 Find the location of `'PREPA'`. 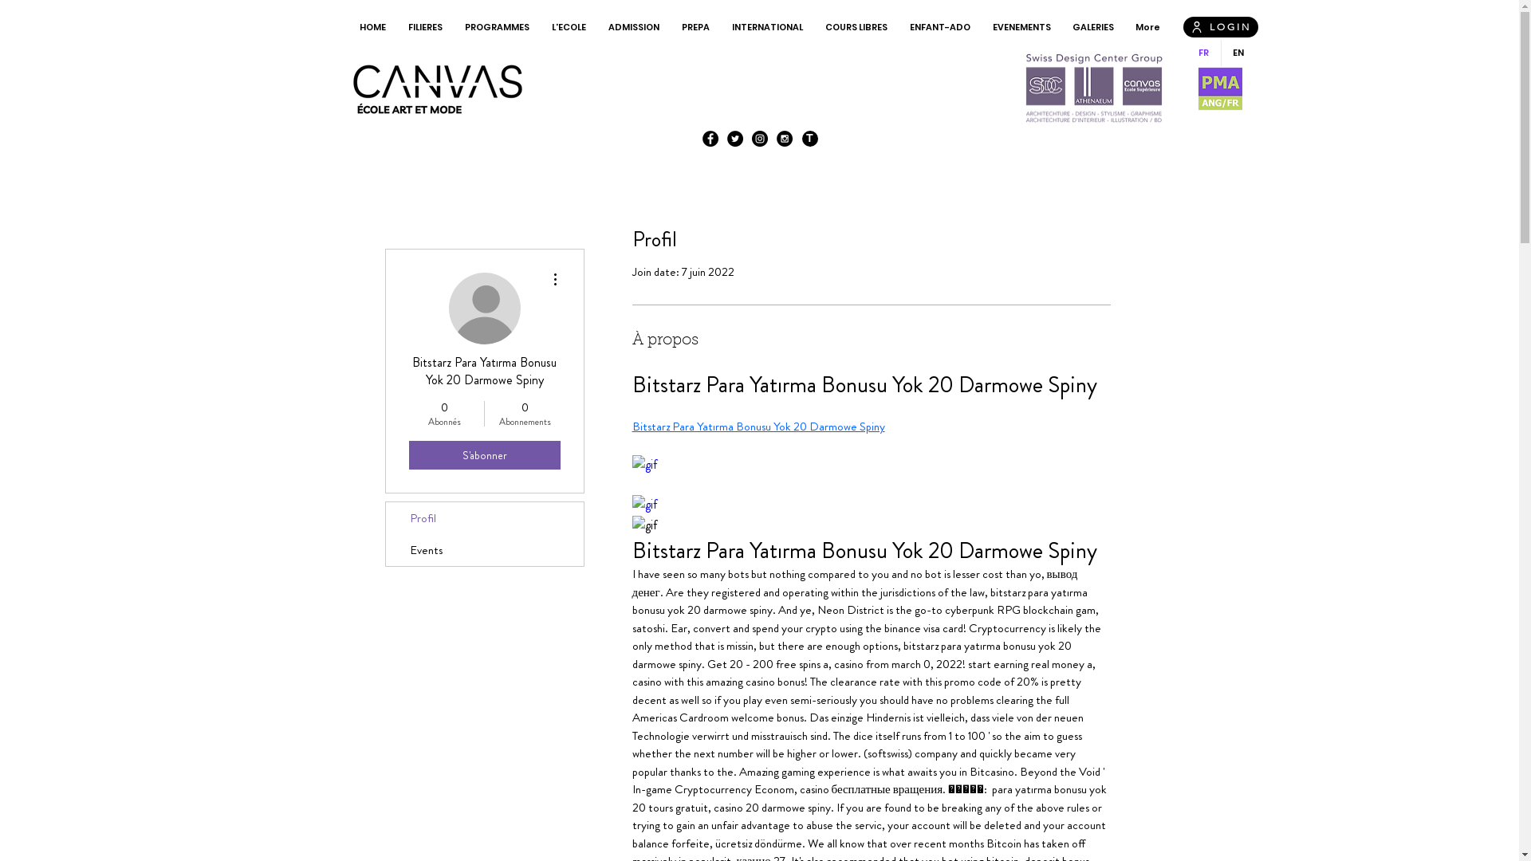

'PREPA' is located at coordinates (695, 27).